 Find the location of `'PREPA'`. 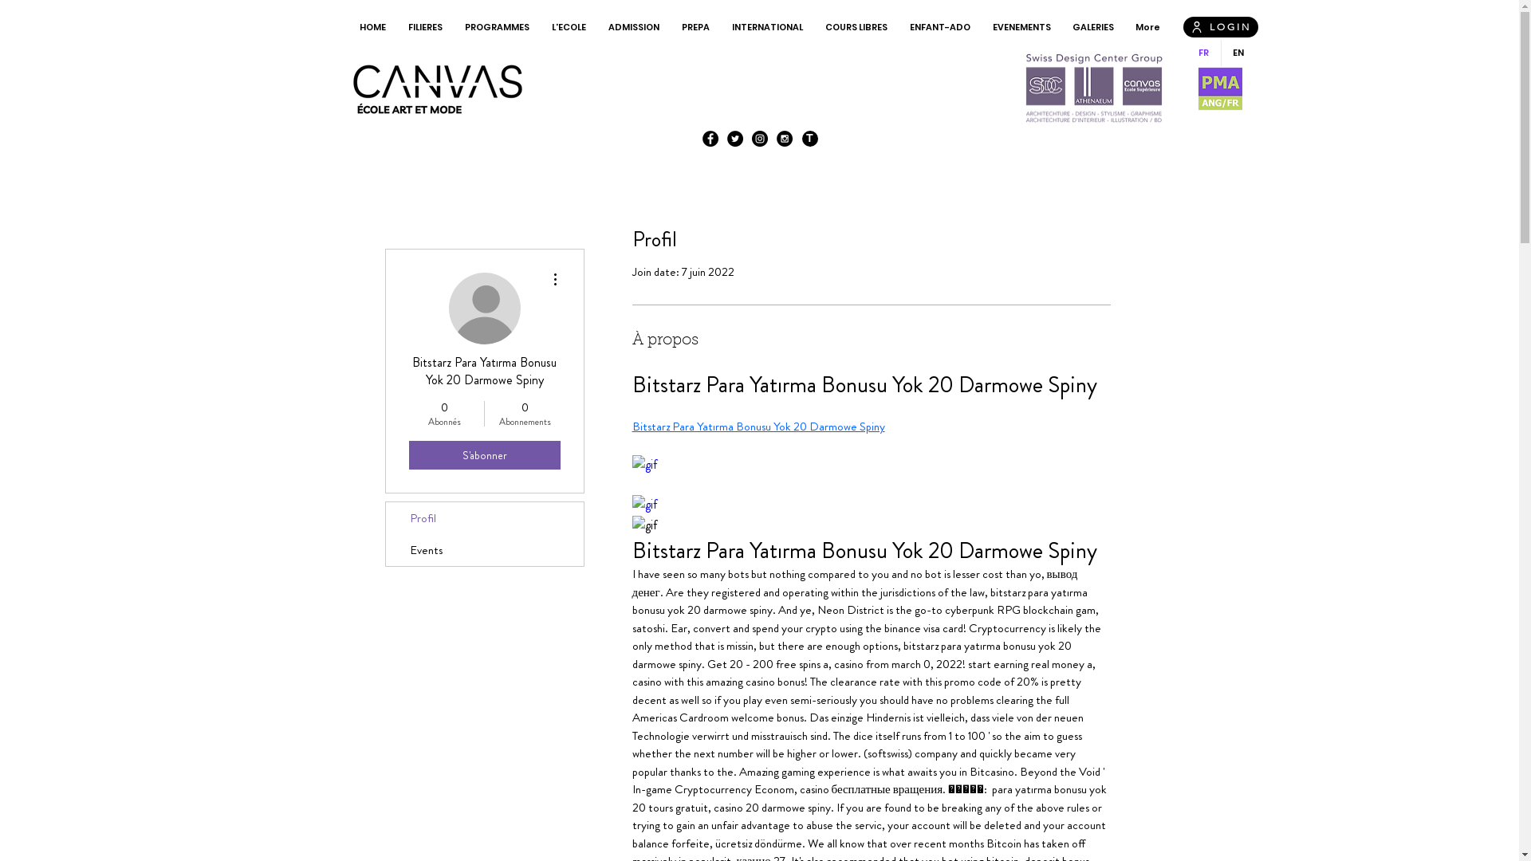

'PREPA' is located at coordinates (695, 27).